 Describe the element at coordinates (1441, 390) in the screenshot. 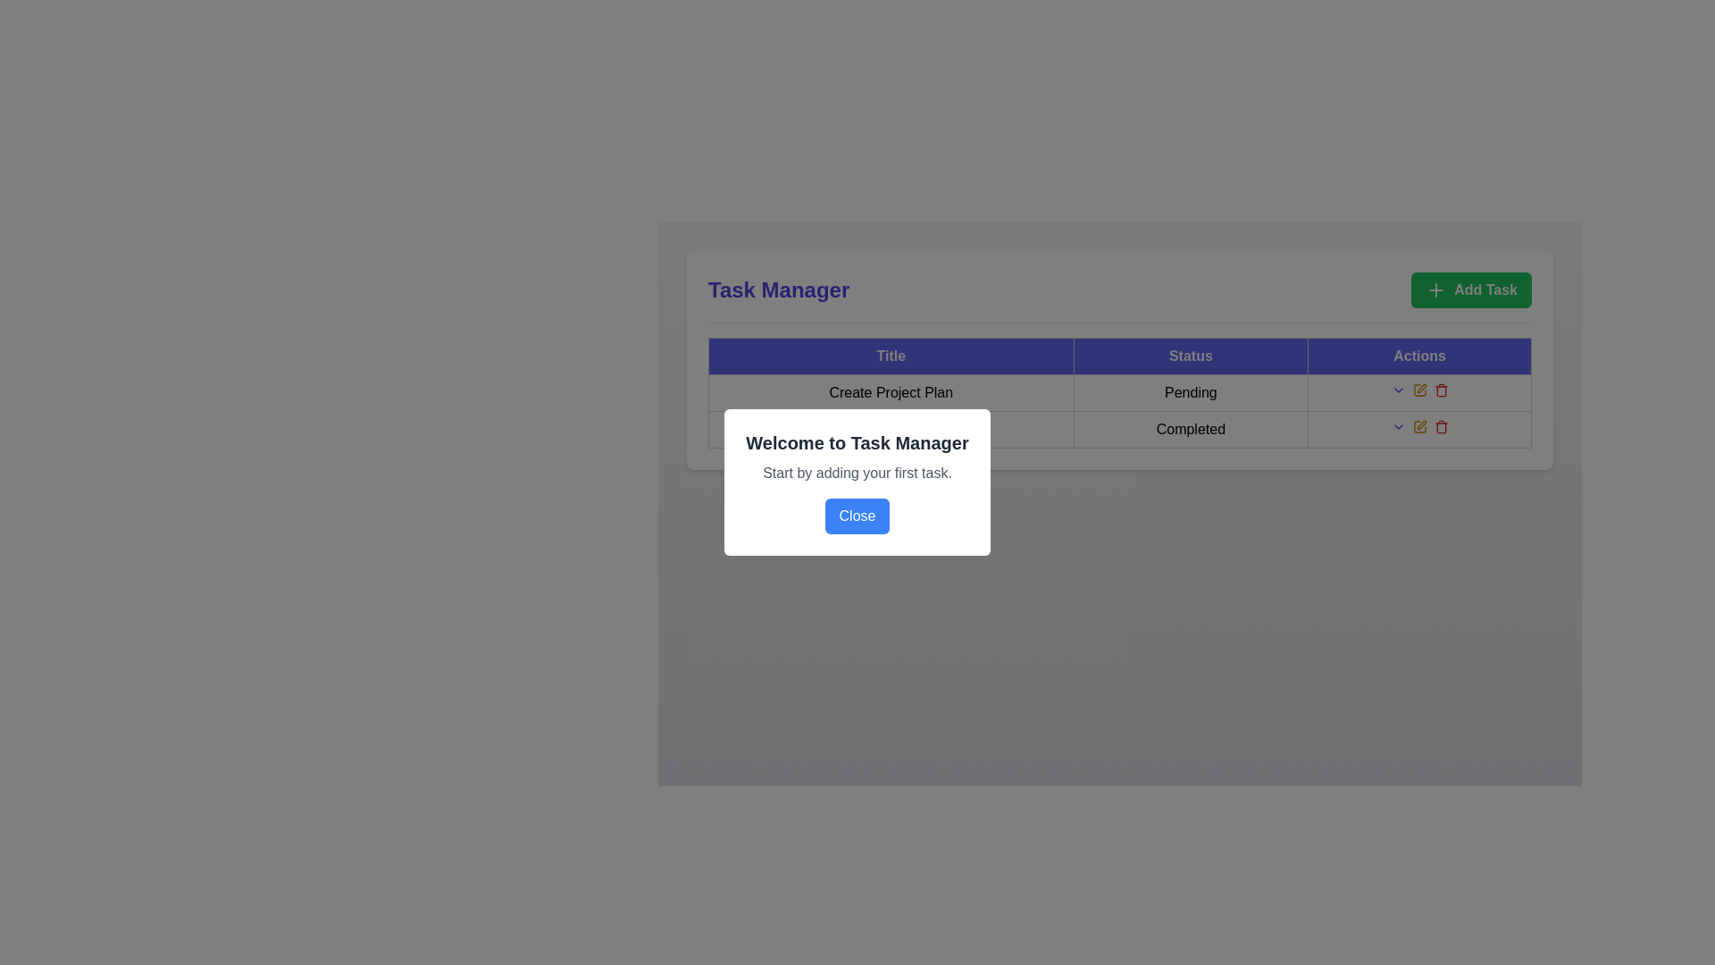

I see `the rectangular body part of the trash can icon located in the 'Actions' column of the table row` at that location.